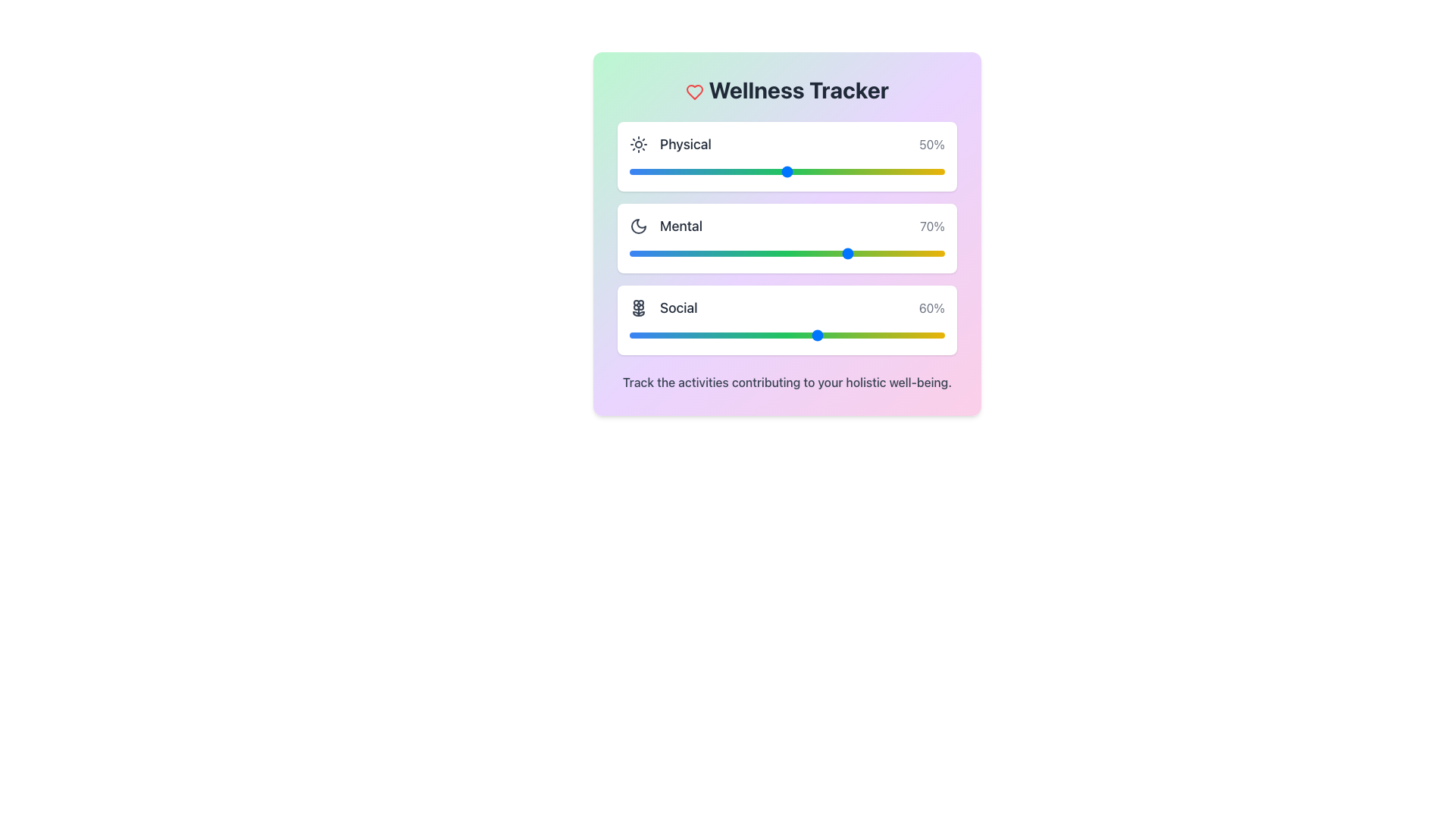 The height and width of the screenshot is (818, 1455). What do you see at coordinates (633, 335) in the screenshot?
I see `the social well-being percentage` at bounding box center [633, 335].